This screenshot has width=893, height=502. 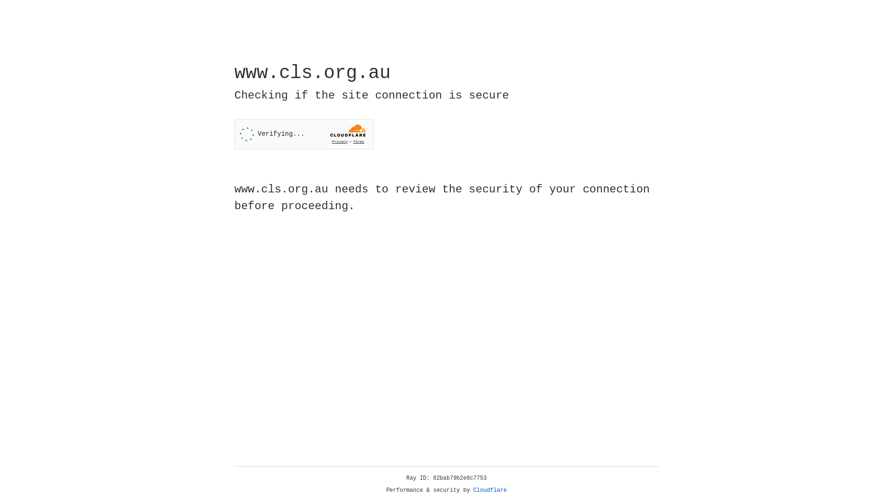 I want to click on 'Widget containing a Cloudflare security challenge', so click(x=304, y=134).